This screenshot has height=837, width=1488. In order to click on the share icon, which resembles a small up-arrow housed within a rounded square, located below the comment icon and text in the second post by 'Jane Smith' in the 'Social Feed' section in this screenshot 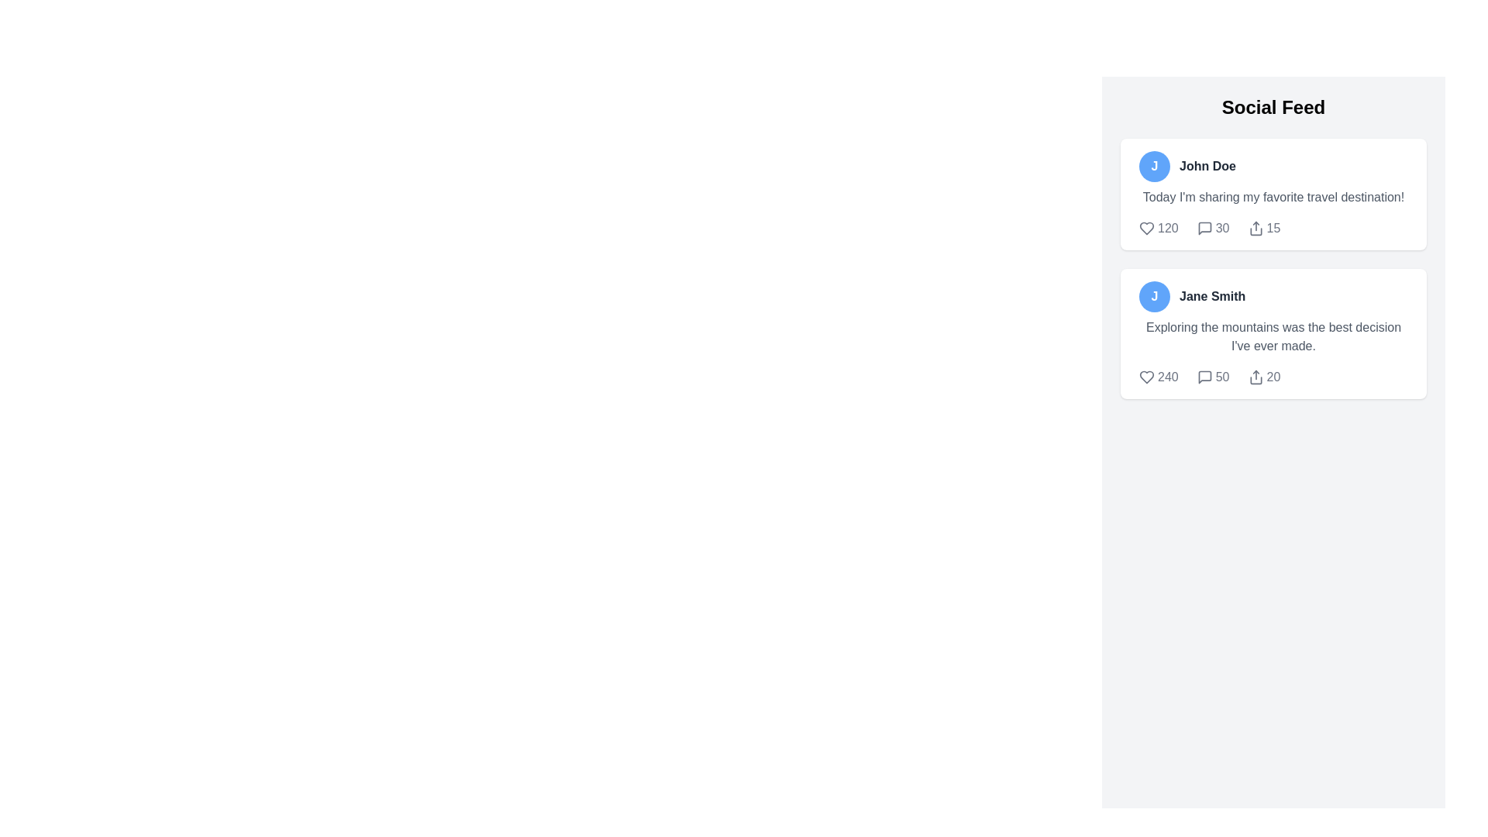, I will do `click(1255, 377)`.